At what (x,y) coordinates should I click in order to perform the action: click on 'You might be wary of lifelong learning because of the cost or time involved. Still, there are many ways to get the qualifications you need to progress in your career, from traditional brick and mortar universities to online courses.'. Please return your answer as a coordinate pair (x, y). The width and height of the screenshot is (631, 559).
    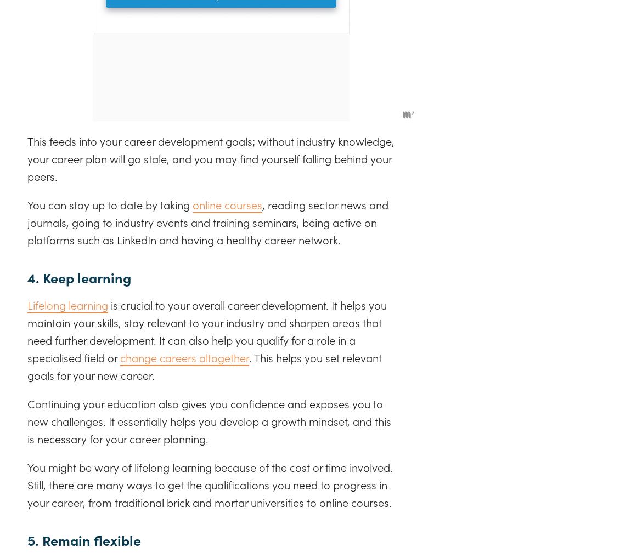
    Looking at the image, I should click on (27, 483).